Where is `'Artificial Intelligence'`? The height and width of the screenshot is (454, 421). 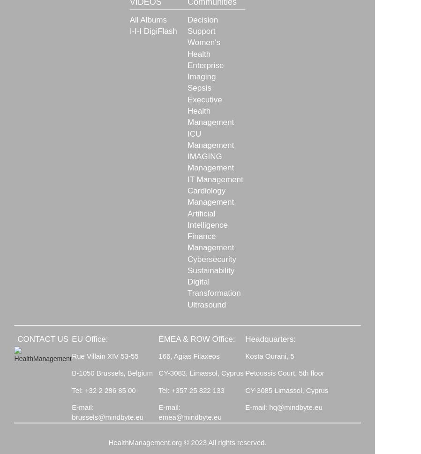
'Artificial Intelligence' is located at coordinates (207, 219).